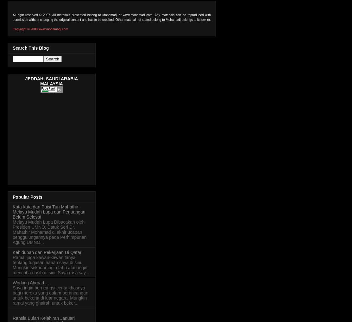 Image resolution: width=352 pixels, height=322 pixels. Describe the element at coordinates (13, 282) in the screenshot. I see `'Working Abroad....'` at that location.